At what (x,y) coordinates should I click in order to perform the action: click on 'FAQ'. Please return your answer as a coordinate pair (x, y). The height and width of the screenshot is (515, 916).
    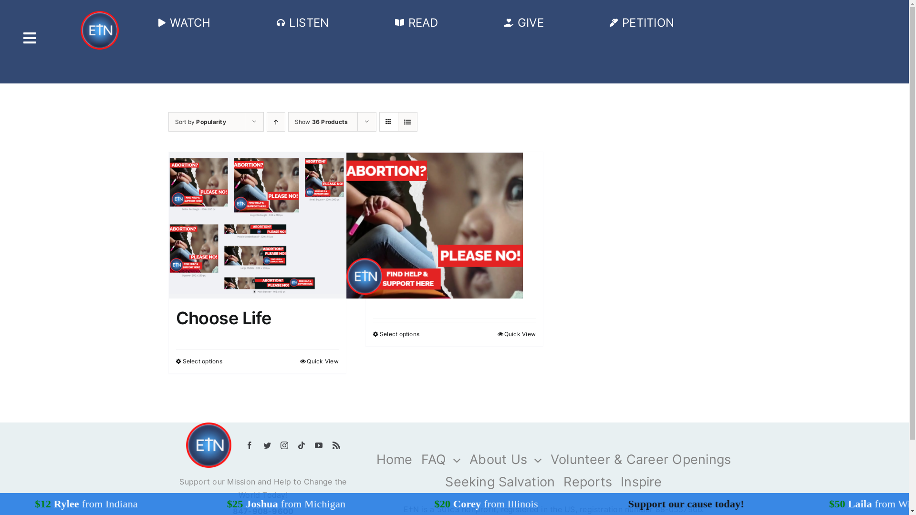
    Looking at the image, I should click on (440, 459).